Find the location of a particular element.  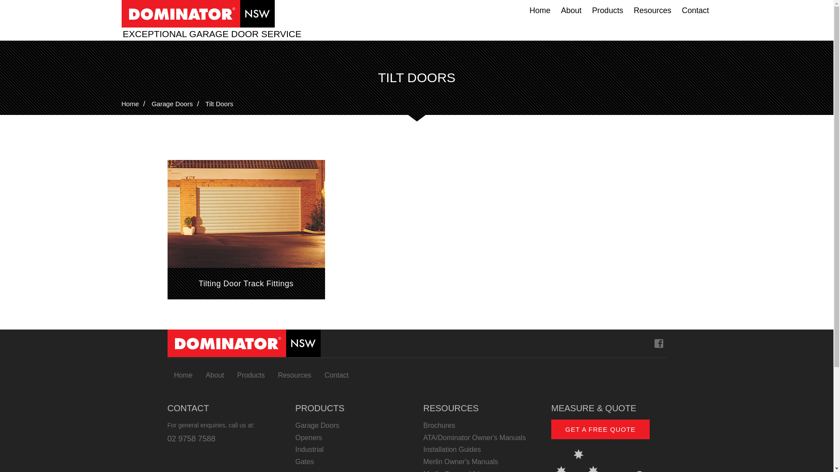

'Garage Doors' is located at coordinates (172, 103).